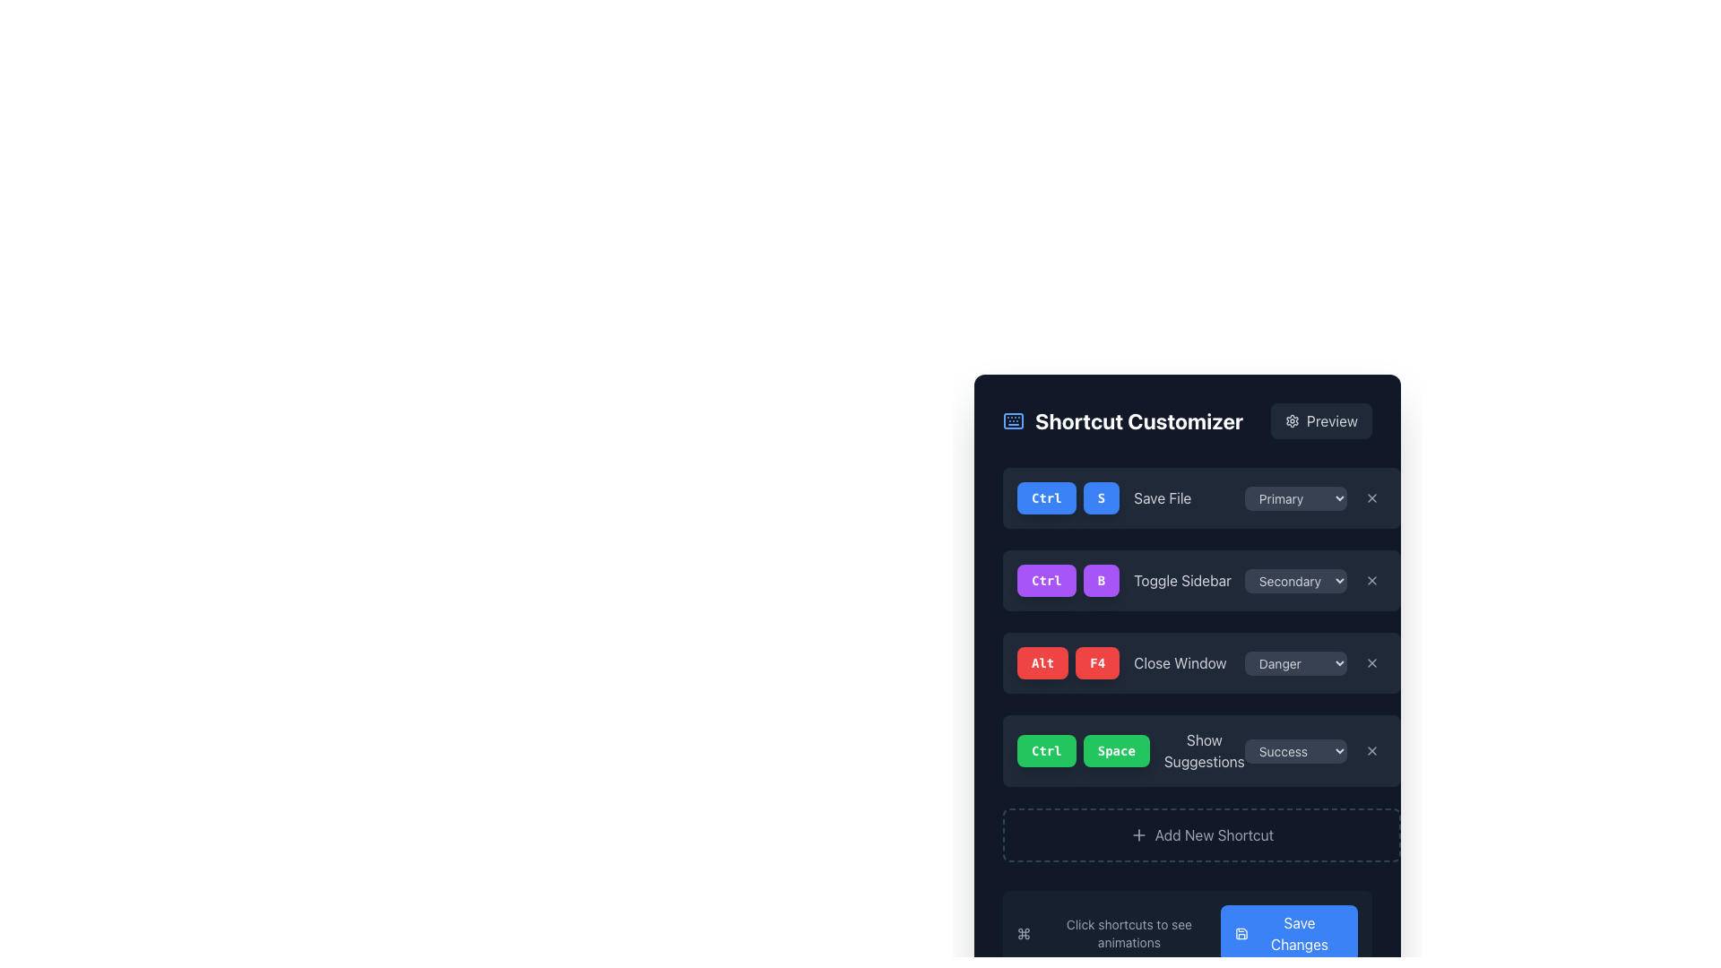 The width and height of the screenshot is (1721, 968). I want to click on the Text Label indicating the context for customizing shortcuts, positioned near the top-left section to the right of a keyboard icon, so click(1138, 421).